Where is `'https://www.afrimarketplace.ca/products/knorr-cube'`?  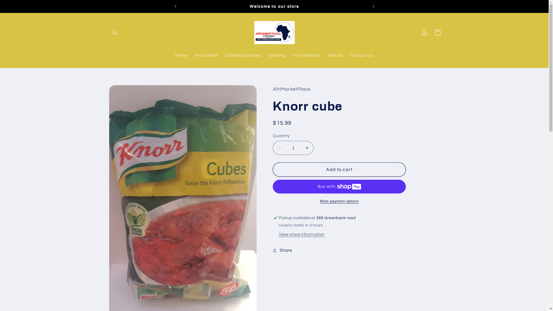 'https://www.afrimarketplace.ca/products/knorr-cube' is located at coordinates (309, 273).